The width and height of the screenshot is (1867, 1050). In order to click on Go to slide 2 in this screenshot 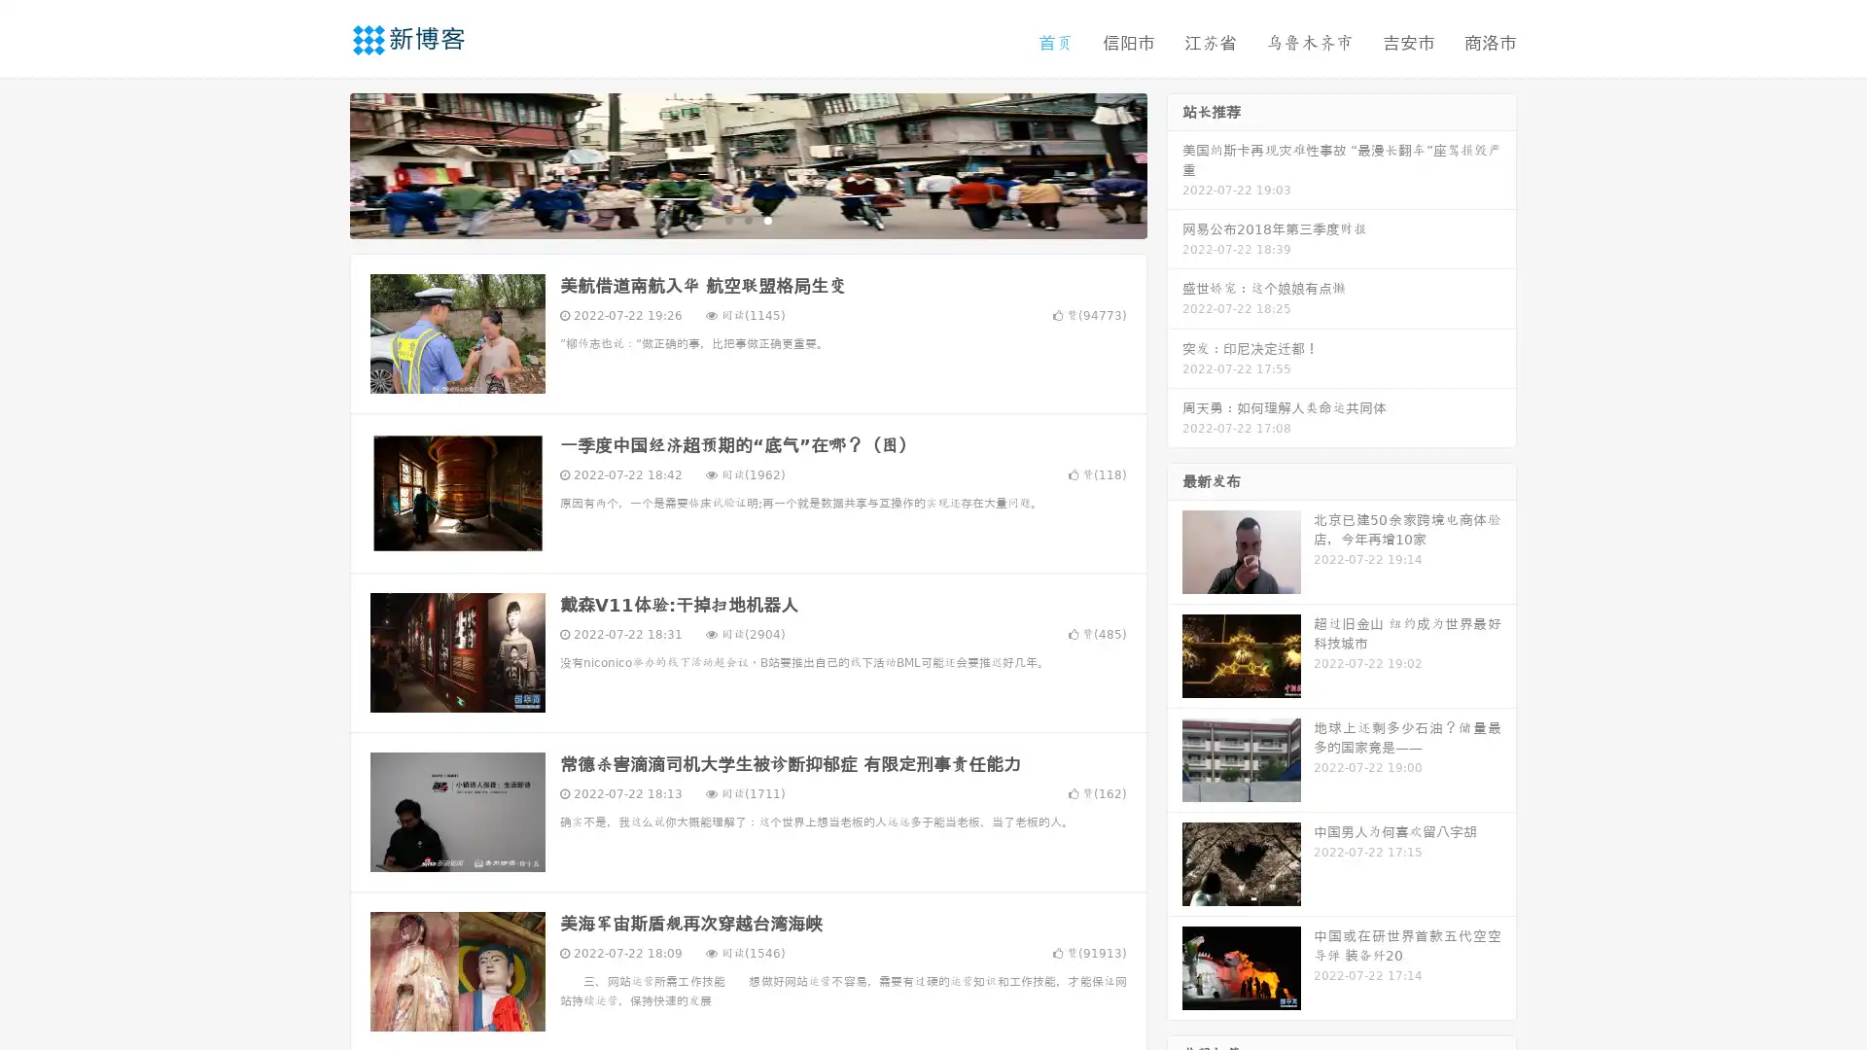, I will do `click(747, 219)`.